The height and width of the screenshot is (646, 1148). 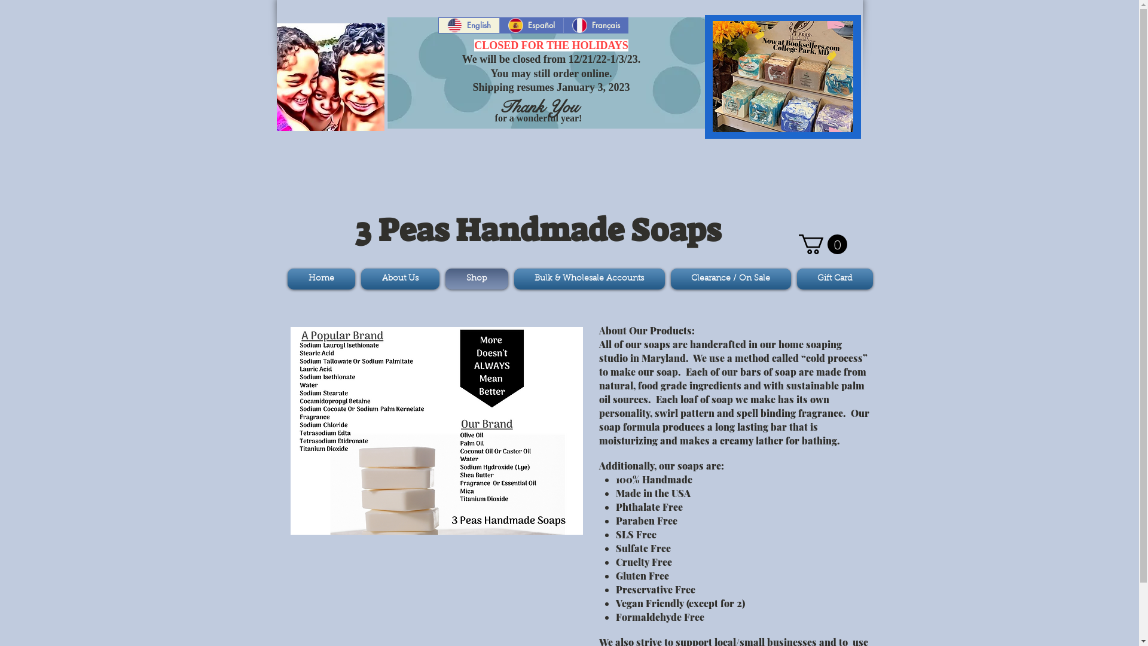 What do you see at coordinates (729, 279) in the screenshot?
I see `'Clearance / On Sale'` at bounding box center [729, 279].